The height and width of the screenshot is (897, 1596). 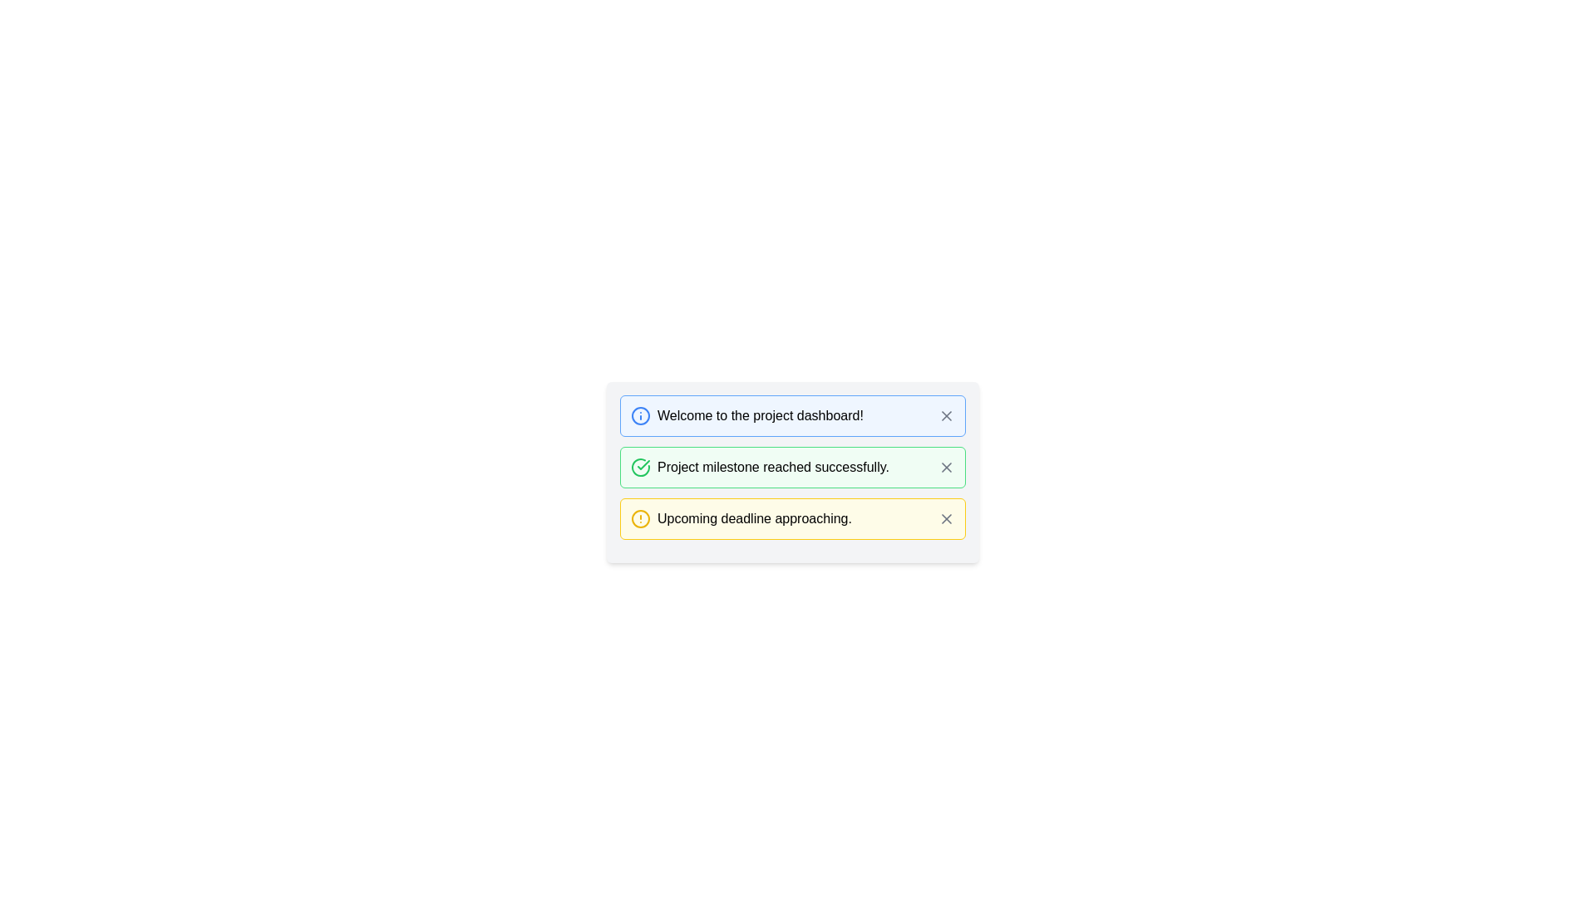 What do you see at coordinates (643, 464) in the screenshot?
I see `the green check mark icon located in the second notification card, next to the text 'Project milestone reached successfully.'` at bounding box center [643, 464].